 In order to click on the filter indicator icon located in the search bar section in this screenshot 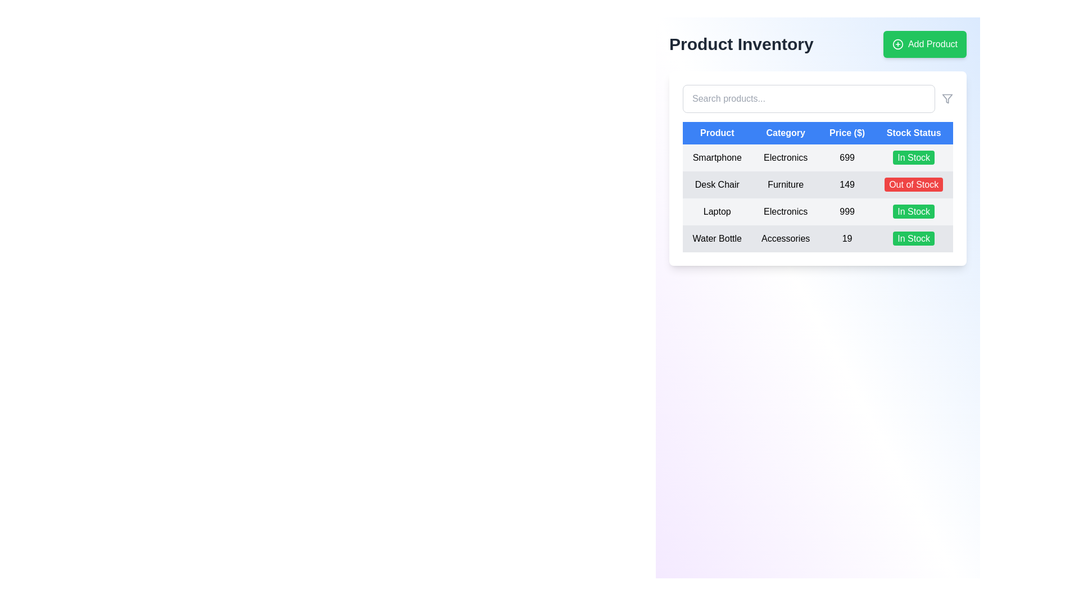, I will do `click(946, 98)`.